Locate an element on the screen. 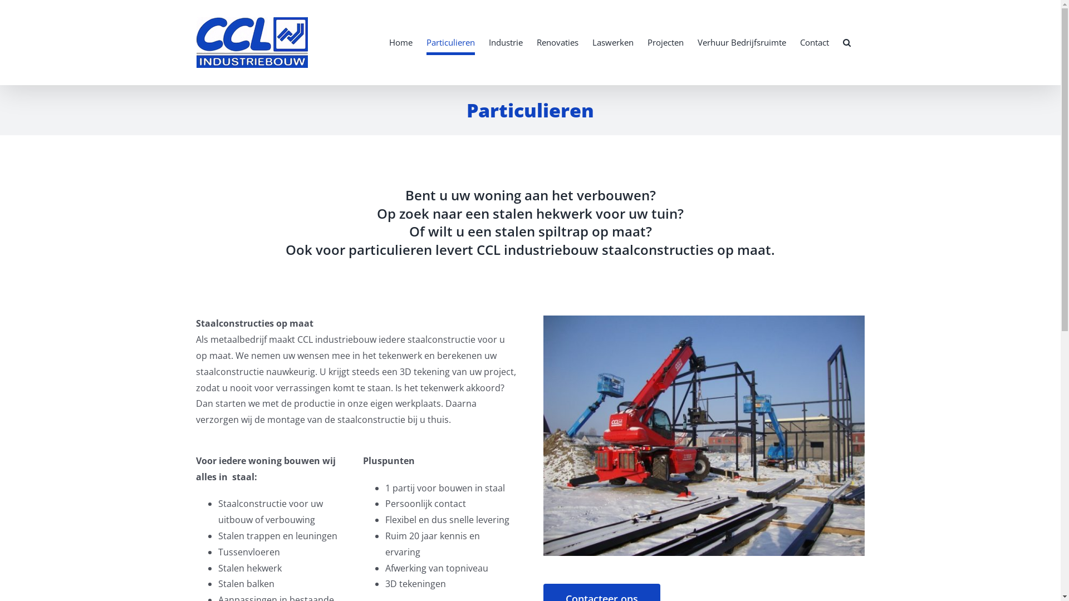  'Home' is located at coordinates (400, 42).